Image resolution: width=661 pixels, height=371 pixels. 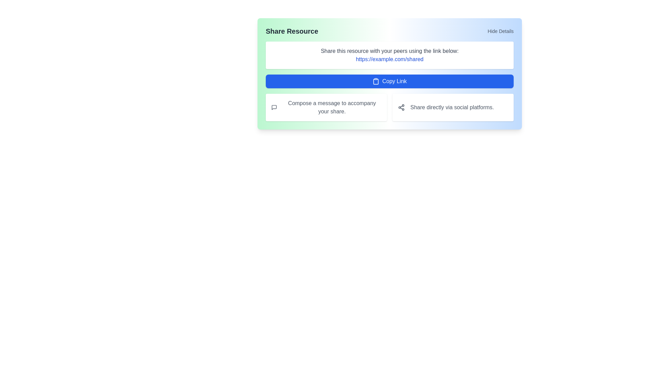 I want to click on the share icon, which is a gray triangular shape made of three interconnected circles, located in the bottom right corner of the card labeled 'Share directly via social platforms', so click(x=401, y=107).